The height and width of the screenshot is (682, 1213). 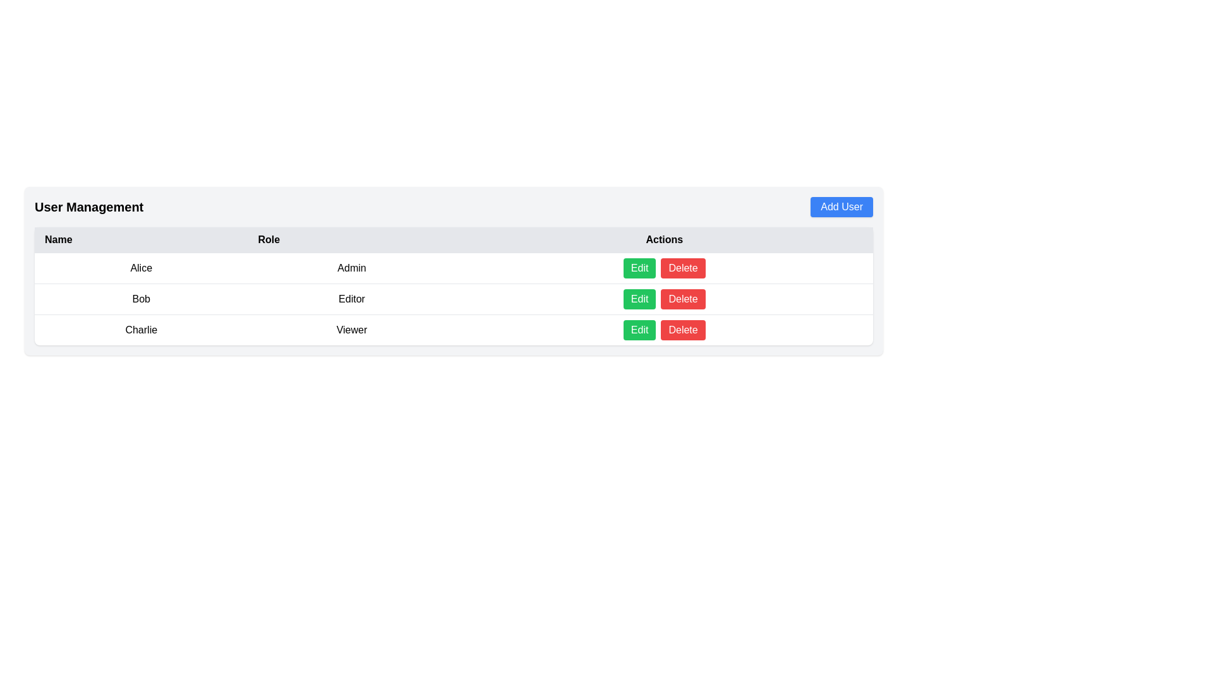 What do you see at coordinates (141, 267) in the screenshot?
I see `the static text label displaying the user's name in the user management interface, located in the second row under the 'Name' column, next to 'Admin' in the 'Role' column` at bounding box center [141, 267].